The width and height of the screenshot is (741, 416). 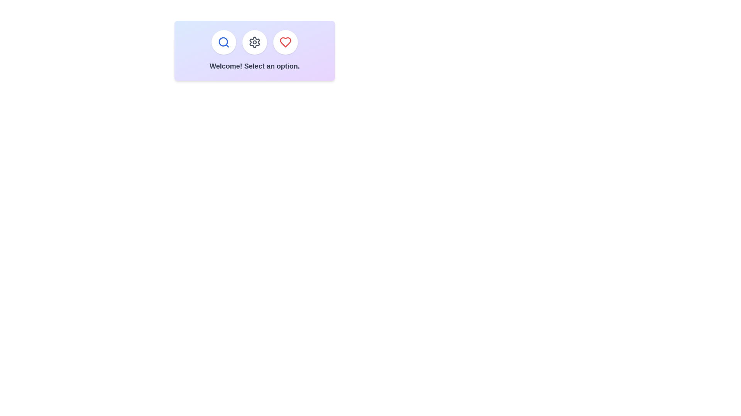 What do you see at coordinates (285, 42) in the screenshot?
I see `the third icon in a row of three icons that represents a favorites or like function, located near the top center of the page` at bounding box center [285, 42].